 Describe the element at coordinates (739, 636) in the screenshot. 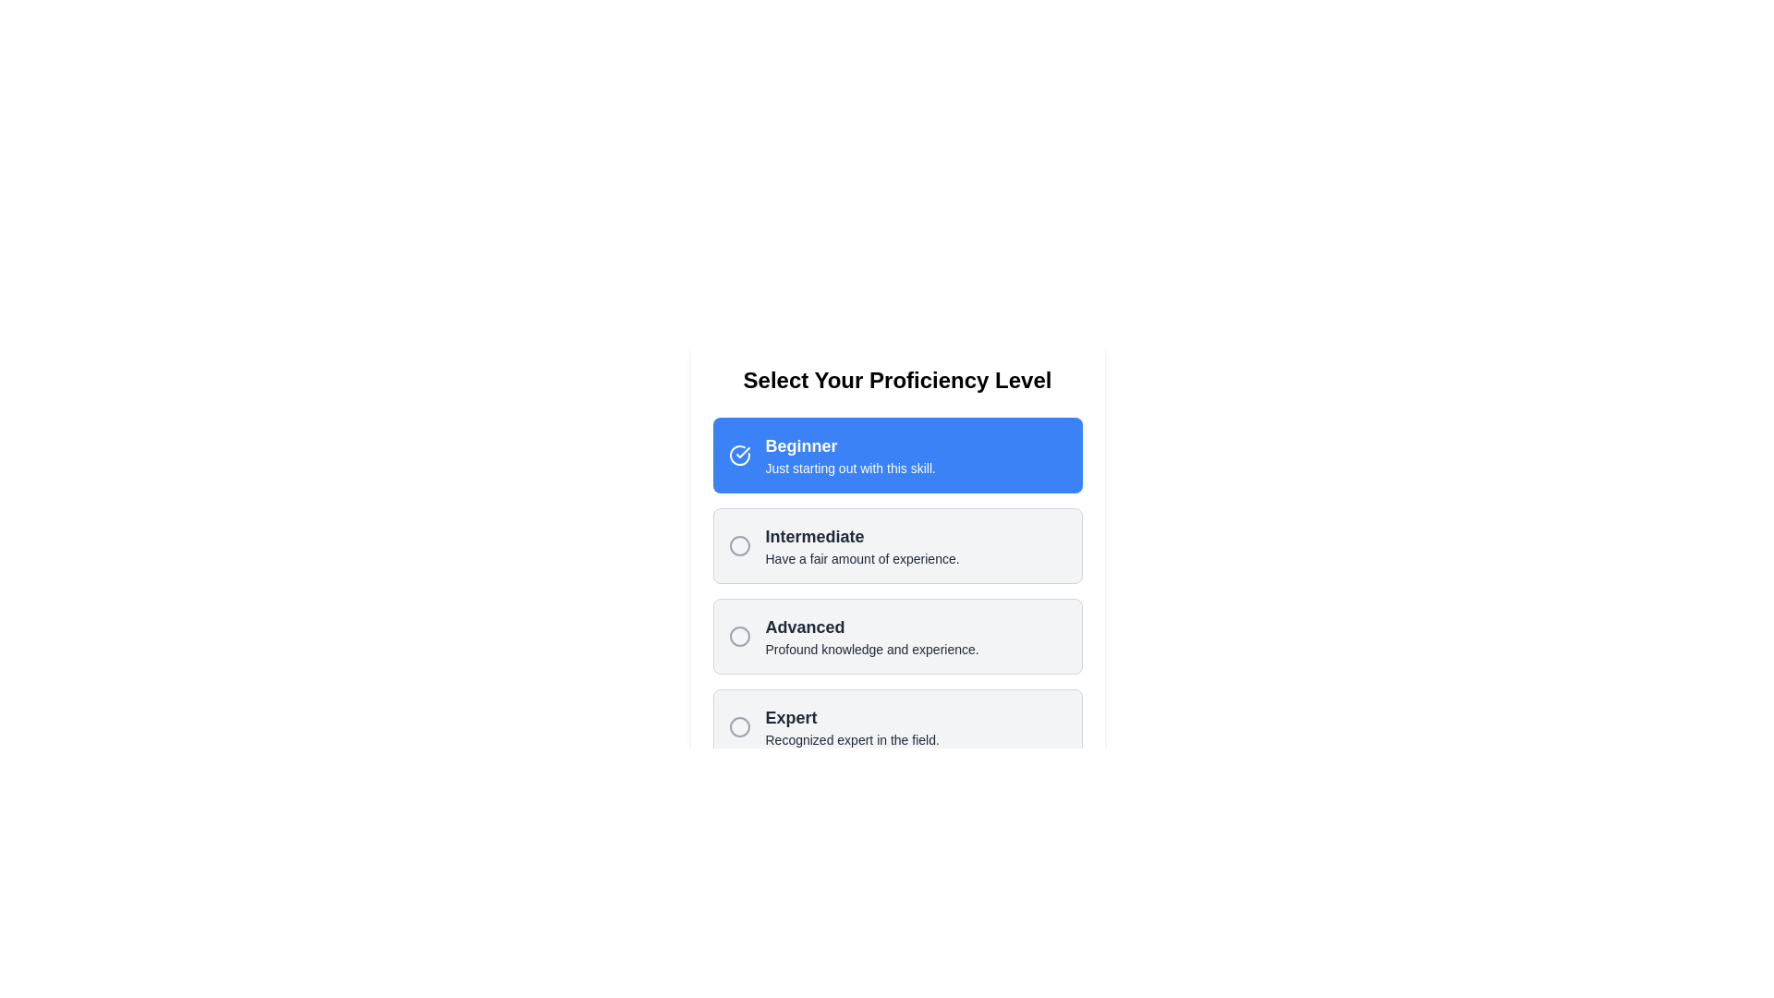

I see `the radio button for selecting the 'Advanced' proficiency level` at that location.